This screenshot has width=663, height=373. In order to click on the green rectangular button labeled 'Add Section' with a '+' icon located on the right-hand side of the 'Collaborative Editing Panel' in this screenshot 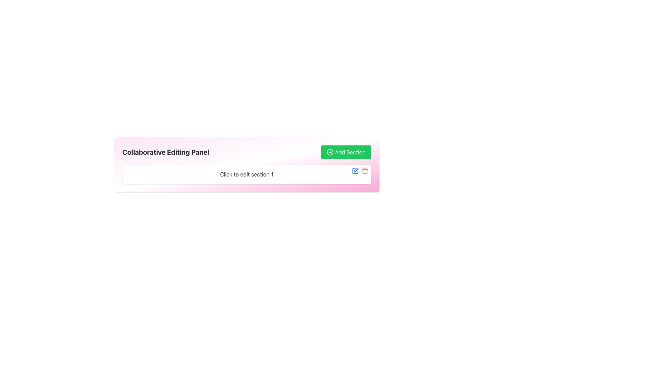, I will do `click(346, 152)`.